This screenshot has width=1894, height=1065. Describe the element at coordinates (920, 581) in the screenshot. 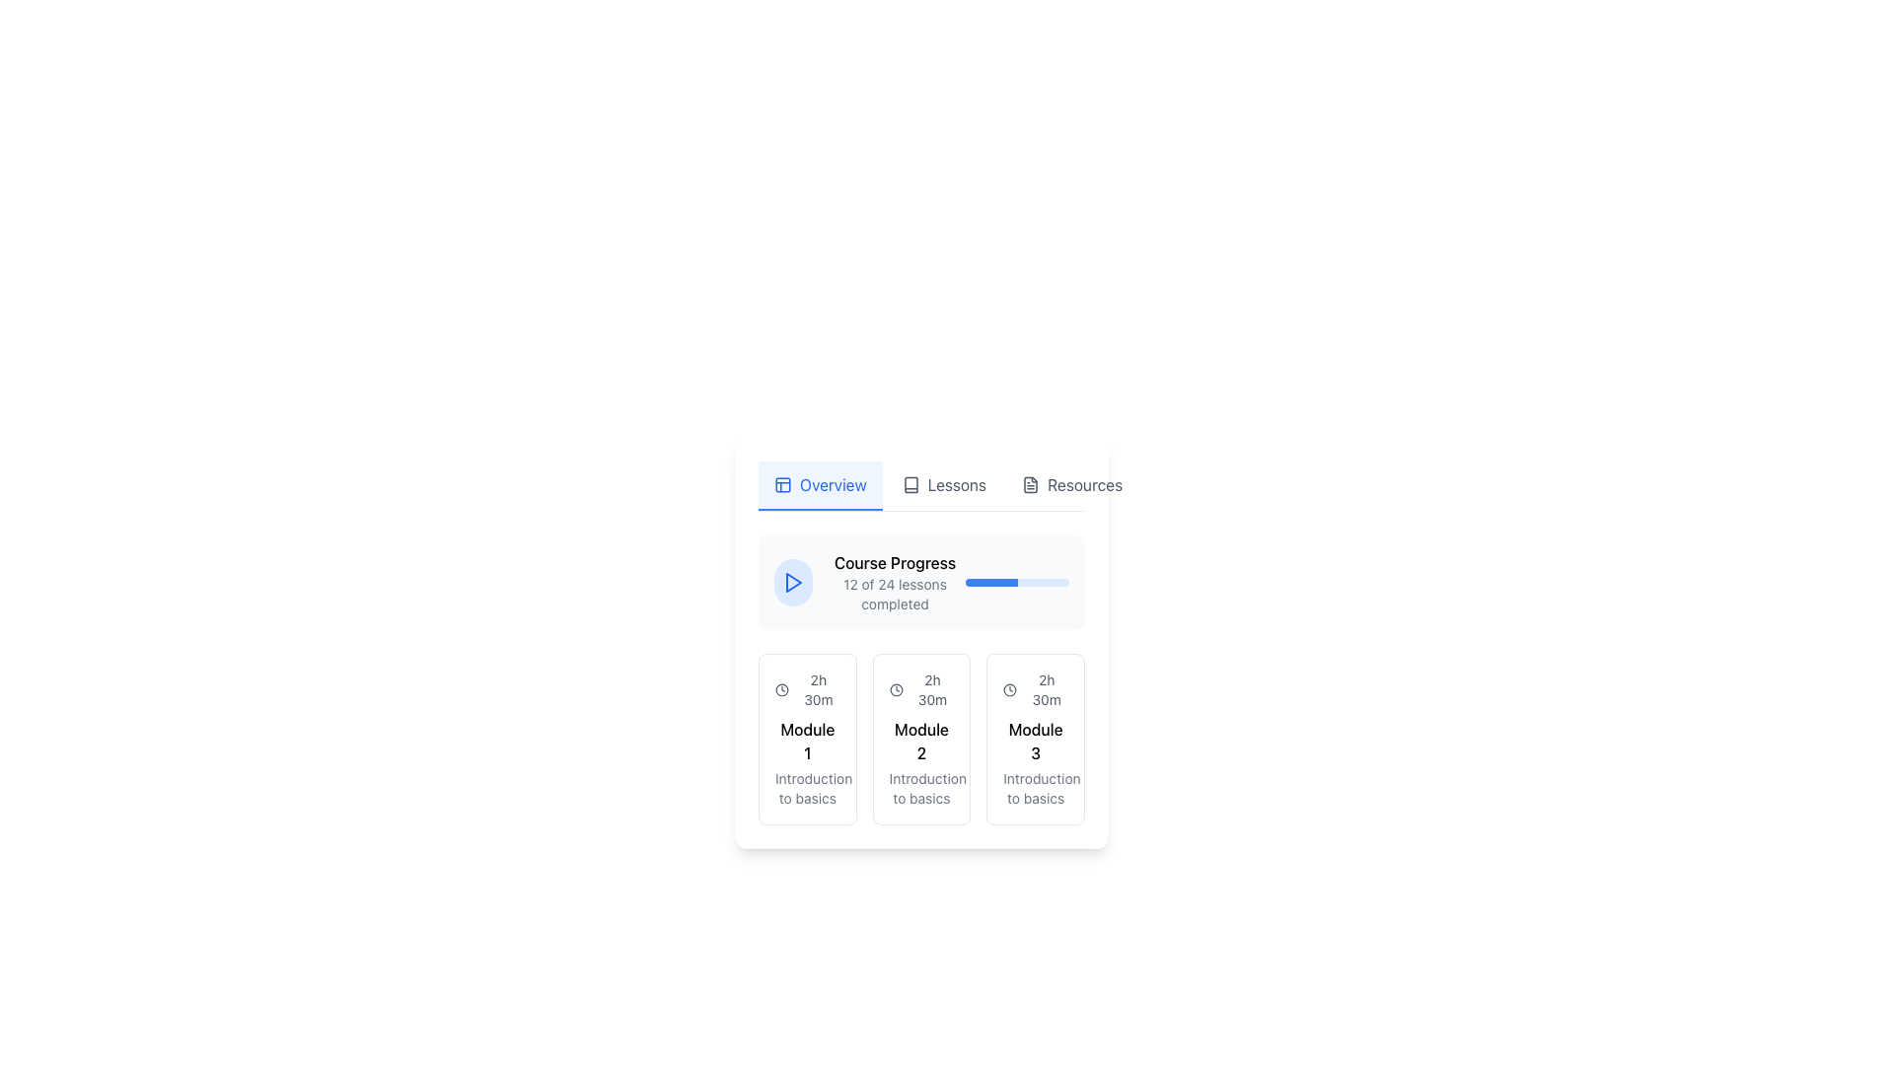

I see `the course progress indicator element that displays the number of lessons completed out of the total available, located at the top section of the main content area` at that location.